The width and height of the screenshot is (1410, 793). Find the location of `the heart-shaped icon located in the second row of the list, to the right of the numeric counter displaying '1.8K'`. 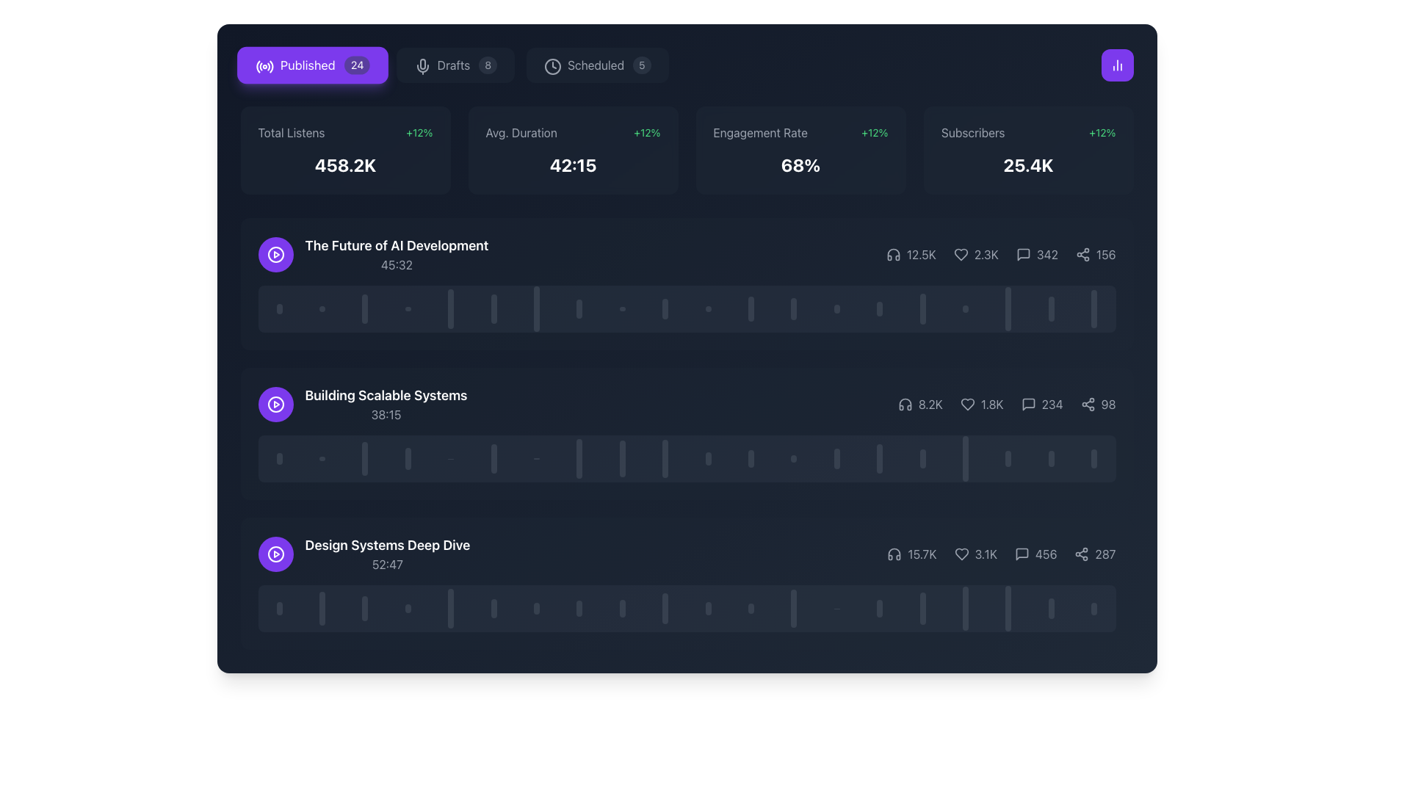

the heart-shaped icon located in the second row of the list, to the right of the numeric counter displaying '1.8K' is located at coordinates (967, 405).